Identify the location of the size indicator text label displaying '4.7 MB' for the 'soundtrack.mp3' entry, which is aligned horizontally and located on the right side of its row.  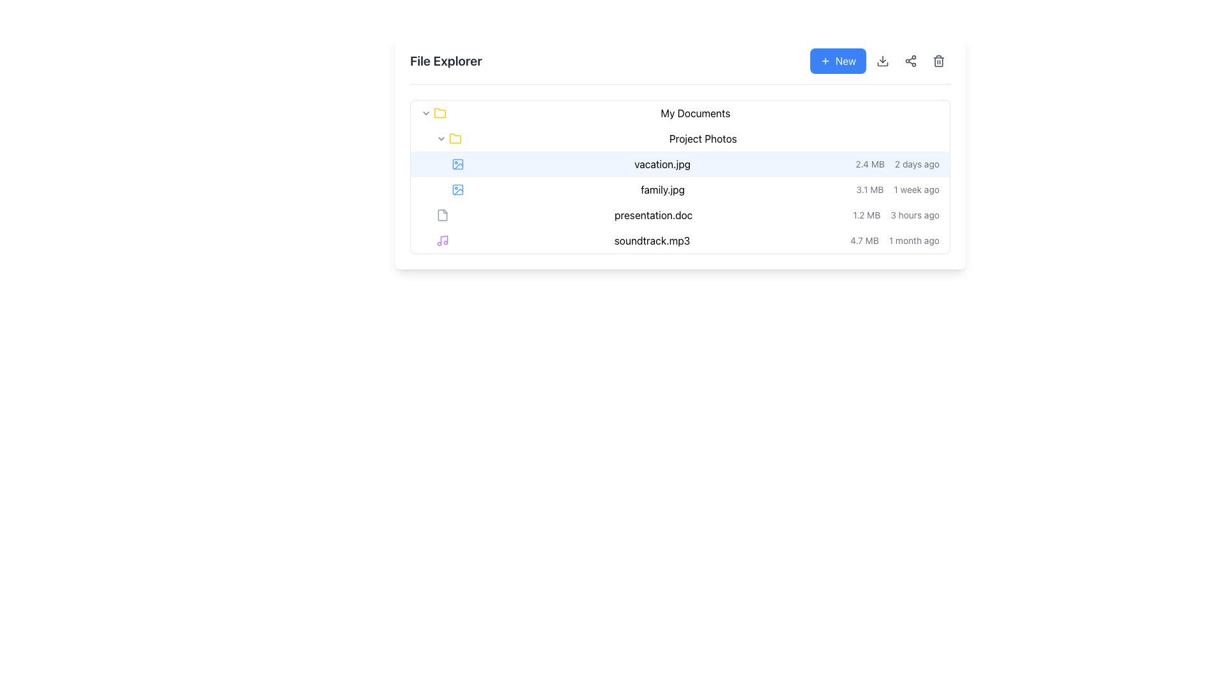
(864, 241).